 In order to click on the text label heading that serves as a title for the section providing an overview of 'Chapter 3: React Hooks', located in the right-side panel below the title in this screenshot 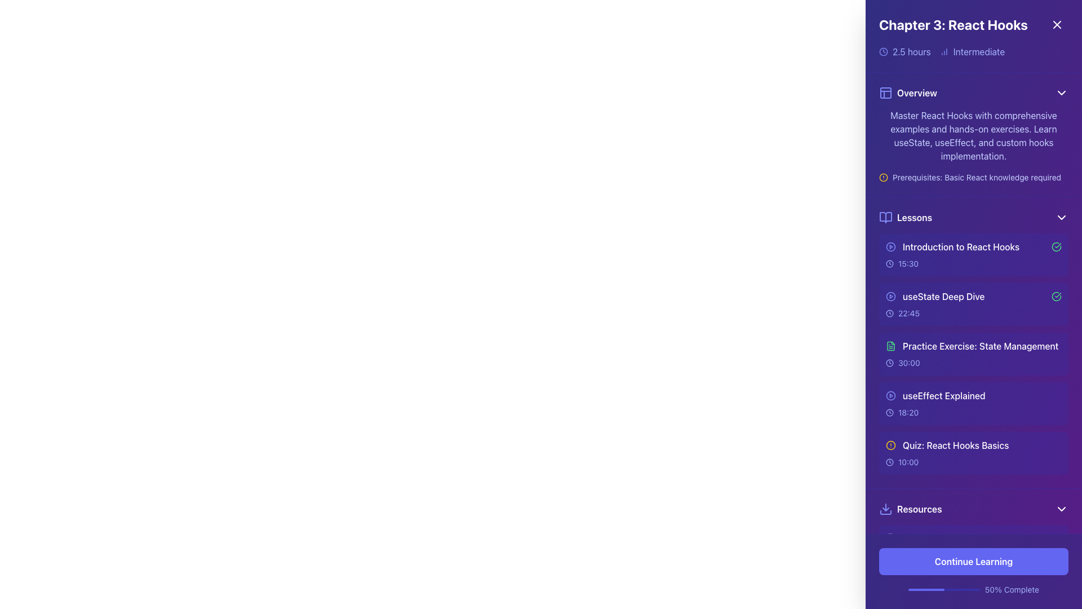, I will do `click(917, 92)`.